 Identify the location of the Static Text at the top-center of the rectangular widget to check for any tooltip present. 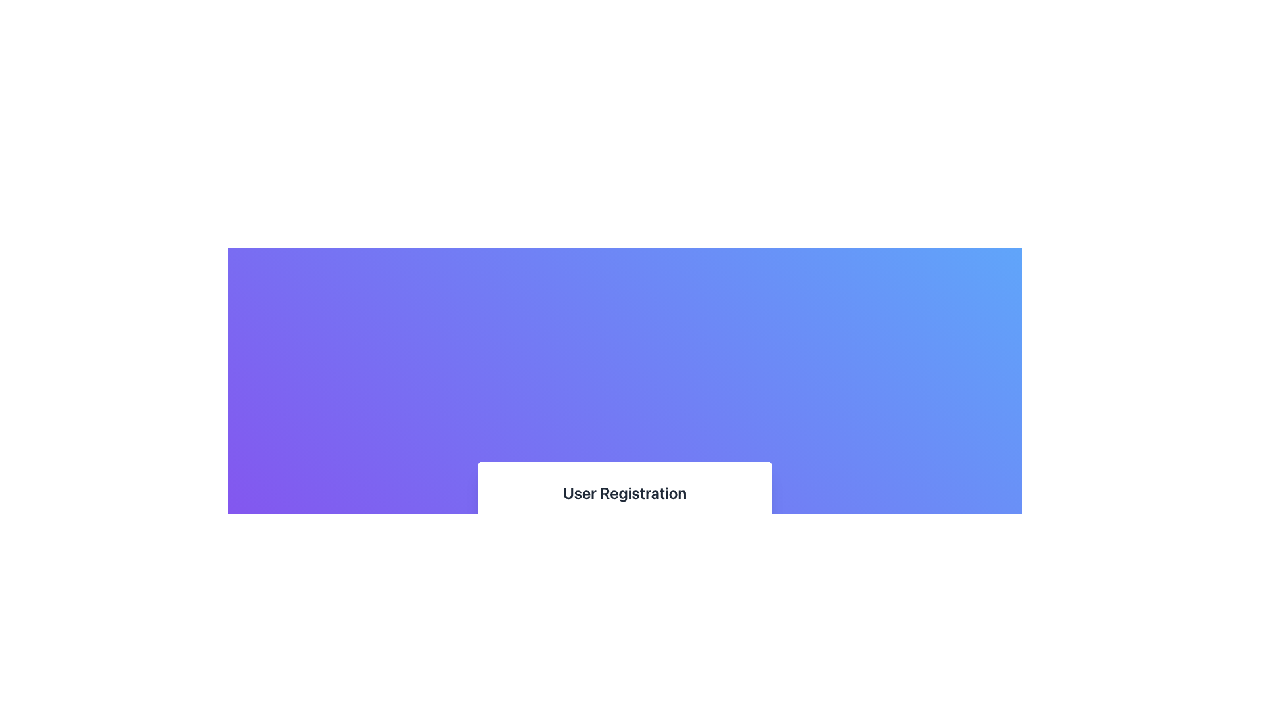
(624, 492).